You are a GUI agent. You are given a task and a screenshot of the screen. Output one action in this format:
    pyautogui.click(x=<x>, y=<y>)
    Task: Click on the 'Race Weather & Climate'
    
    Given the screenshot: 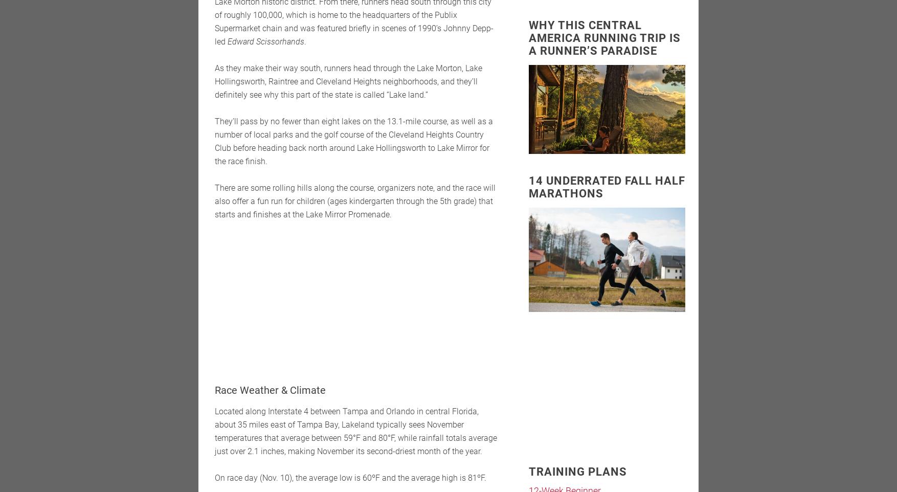 What is the action you would take?
    pyautogui.click(x=270, y=390)
    